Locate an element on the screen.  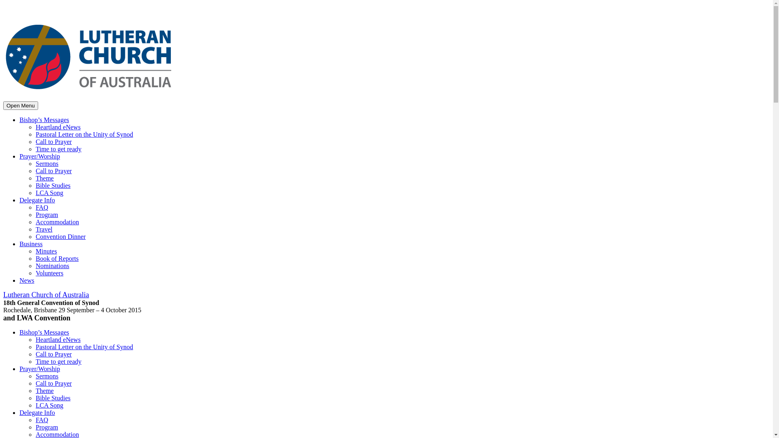
'Bible Studies' is located at coordinates (52, 185).